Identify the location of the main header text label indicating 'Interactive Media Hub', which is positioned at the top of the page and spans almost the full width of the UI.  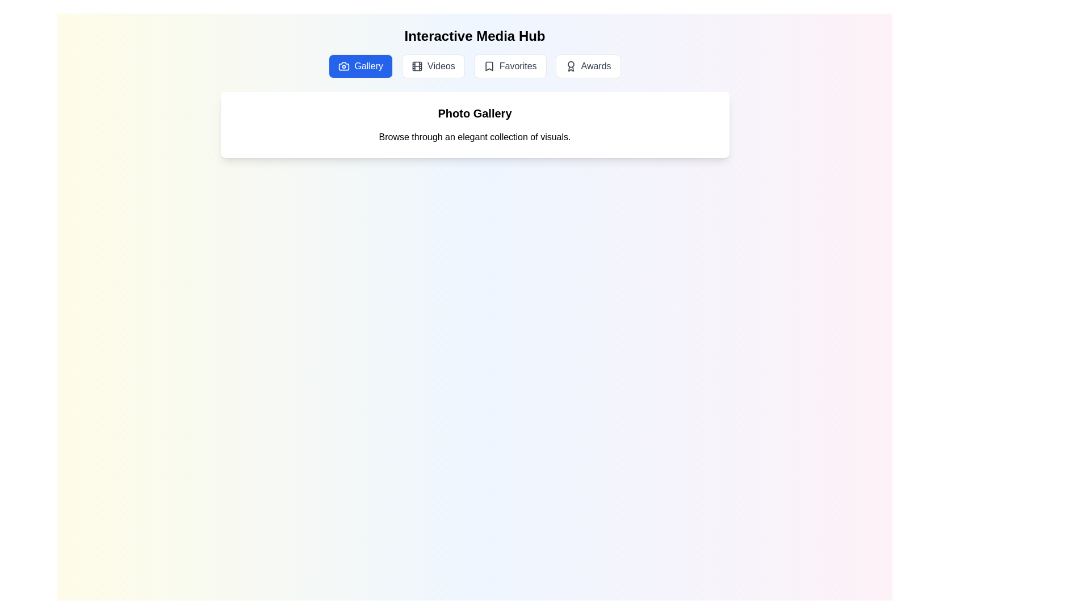
(475, 36).